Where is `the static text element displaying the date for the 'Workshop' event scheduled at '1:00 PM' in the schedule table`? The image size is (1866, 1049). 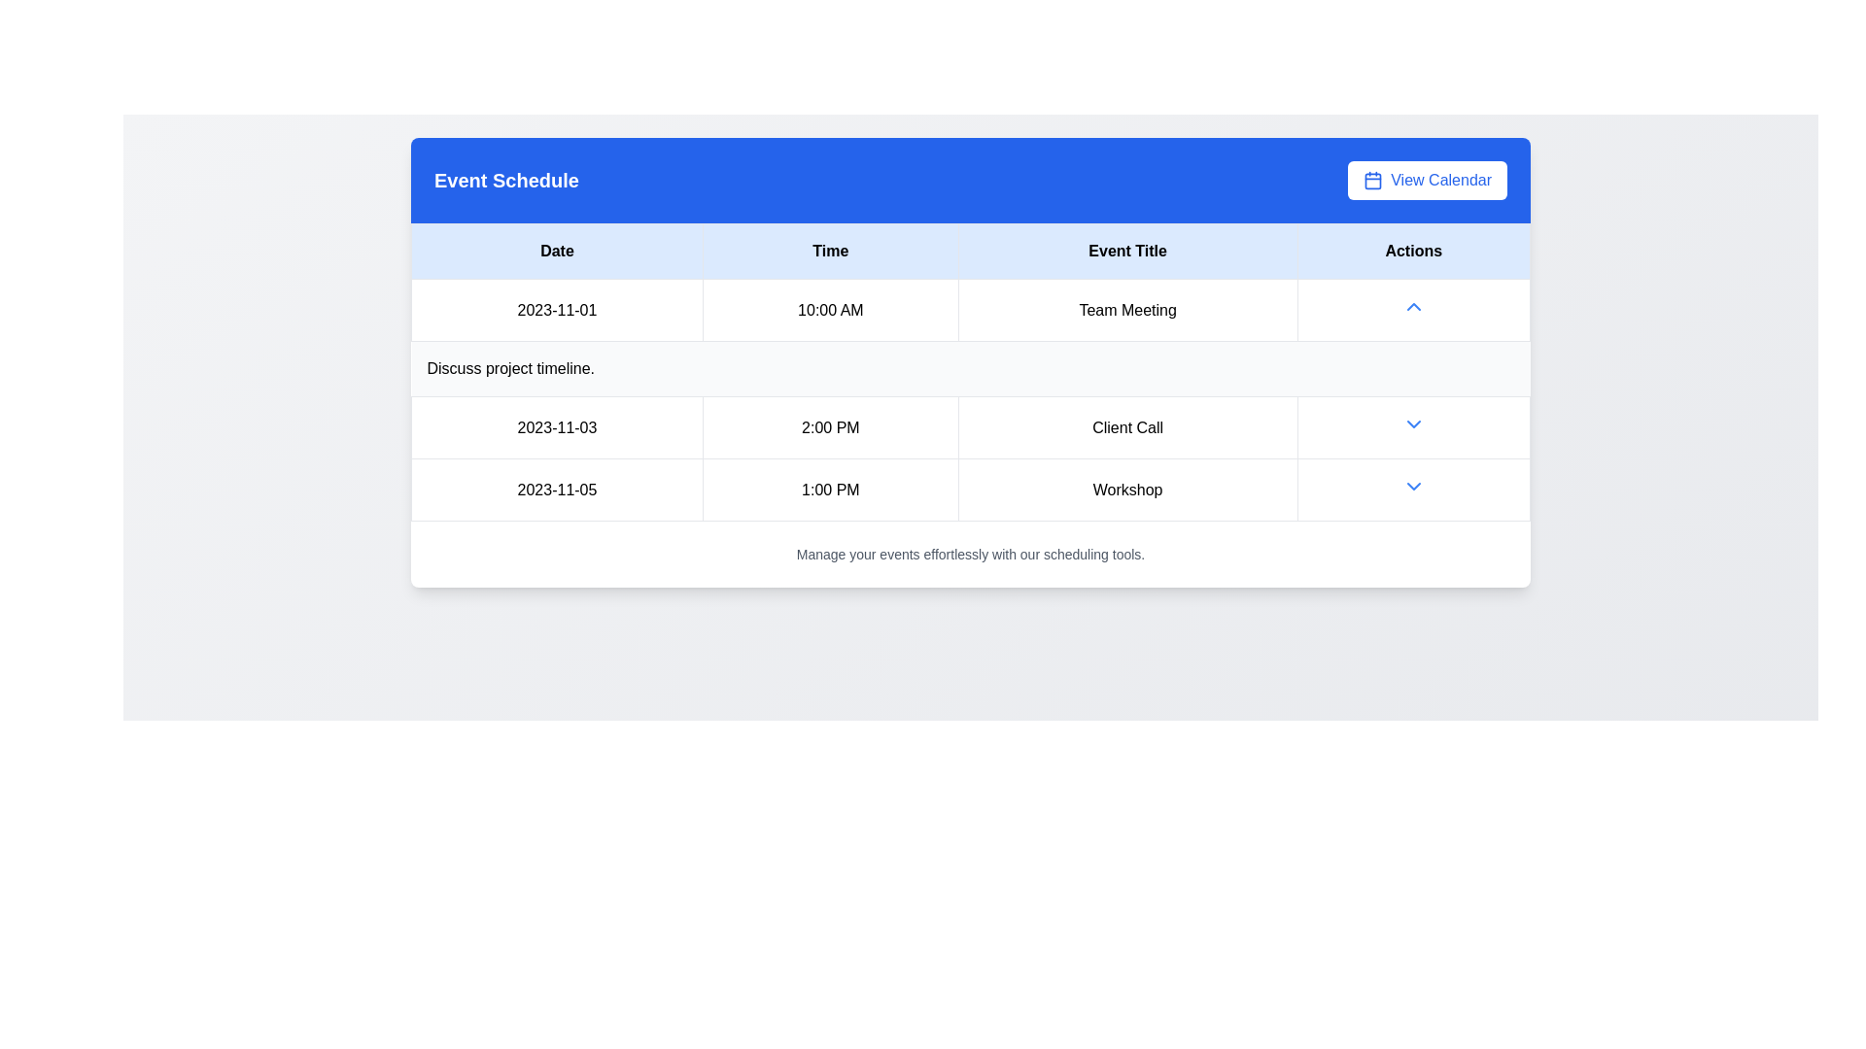 the static text element displaying the date for the 'Workshop' event scheduled at '1:00 PM' in the schedule table is located at coordinates (556, 489).